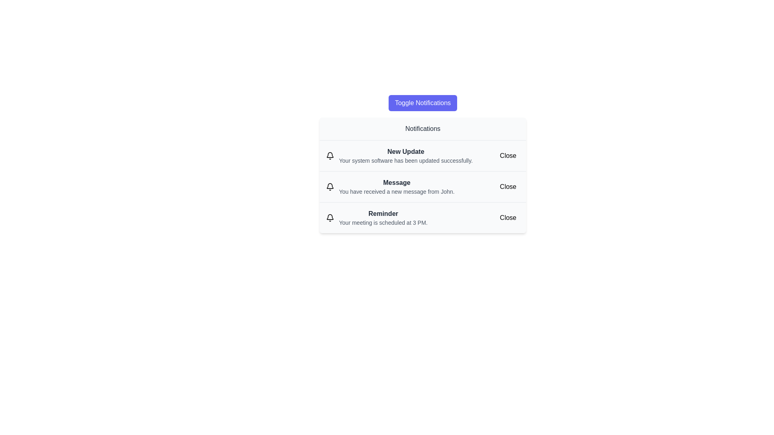 The height and width of the screenshot is (435, 774). What do you see at coordinates (422, 217) in the screenshot?
I see `the 'Close' button on the third notification in the Notifications panel` at bounding box center [422, 217].